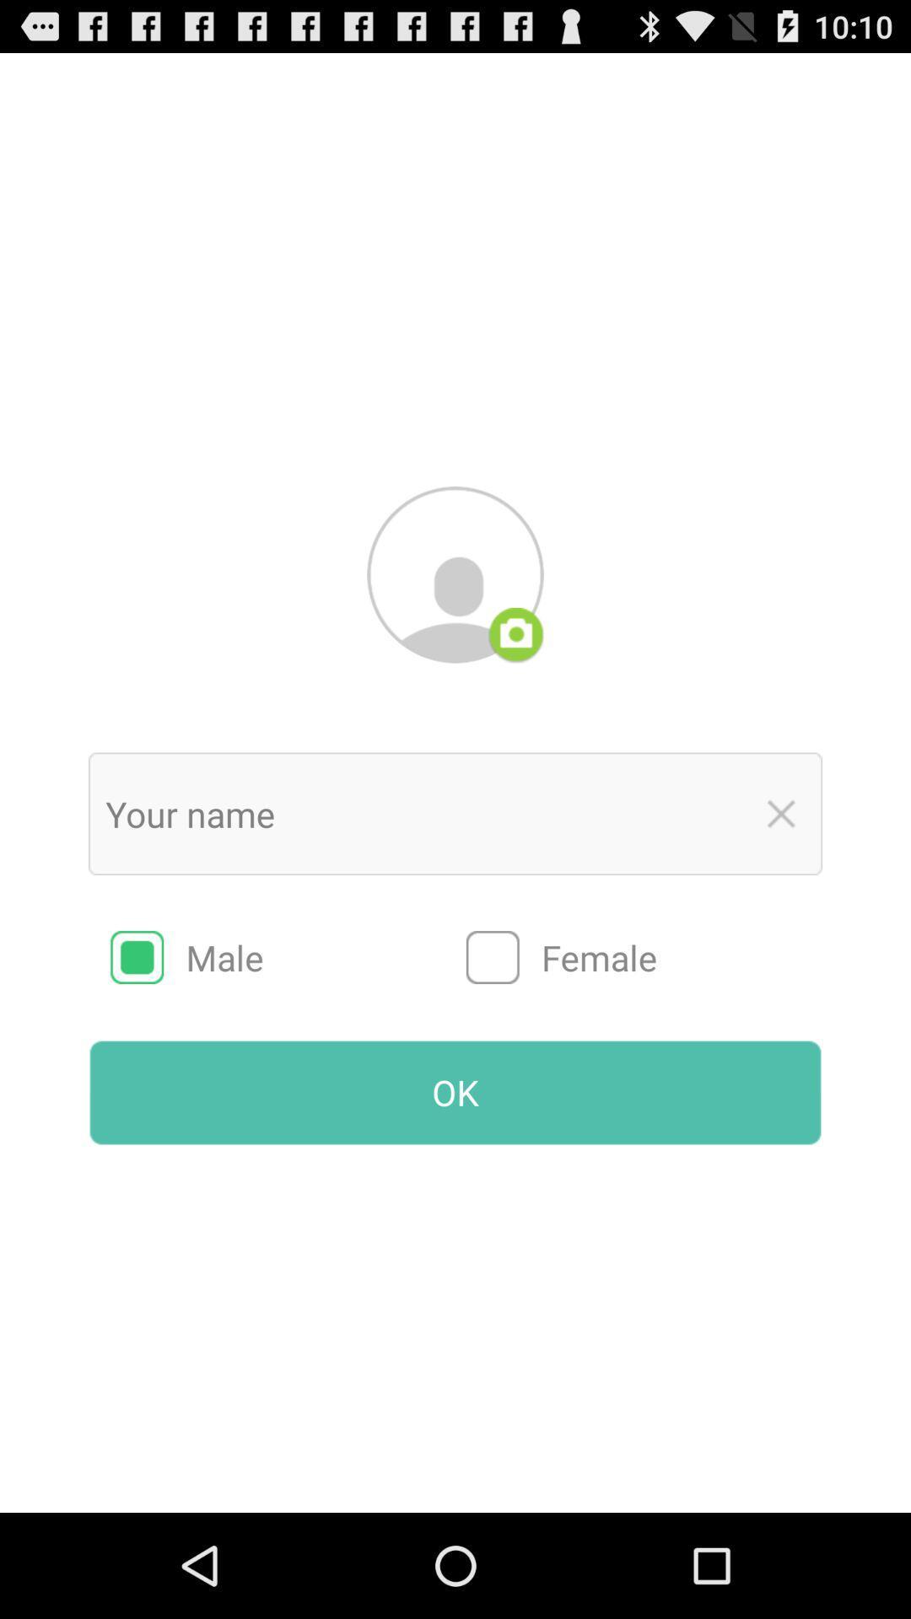 The width and height of the screenshot is (911, 1619). I want to click on the icon next to the male, so click(644, 957).